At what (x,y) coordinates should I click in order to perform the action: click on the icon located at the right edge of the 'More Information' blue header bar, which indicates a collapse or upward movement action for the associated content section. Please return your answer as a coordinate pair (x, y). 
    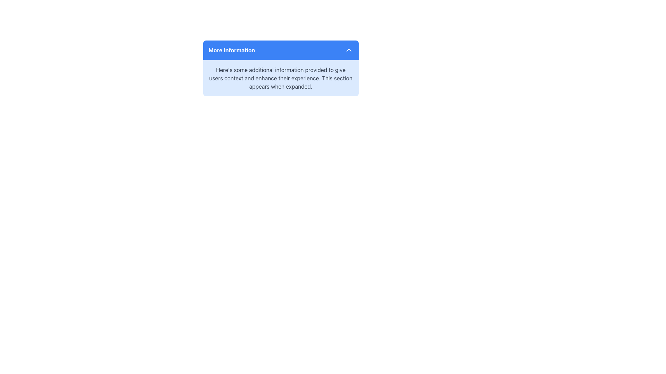
    Looking at the image, I should click on (349, 50).